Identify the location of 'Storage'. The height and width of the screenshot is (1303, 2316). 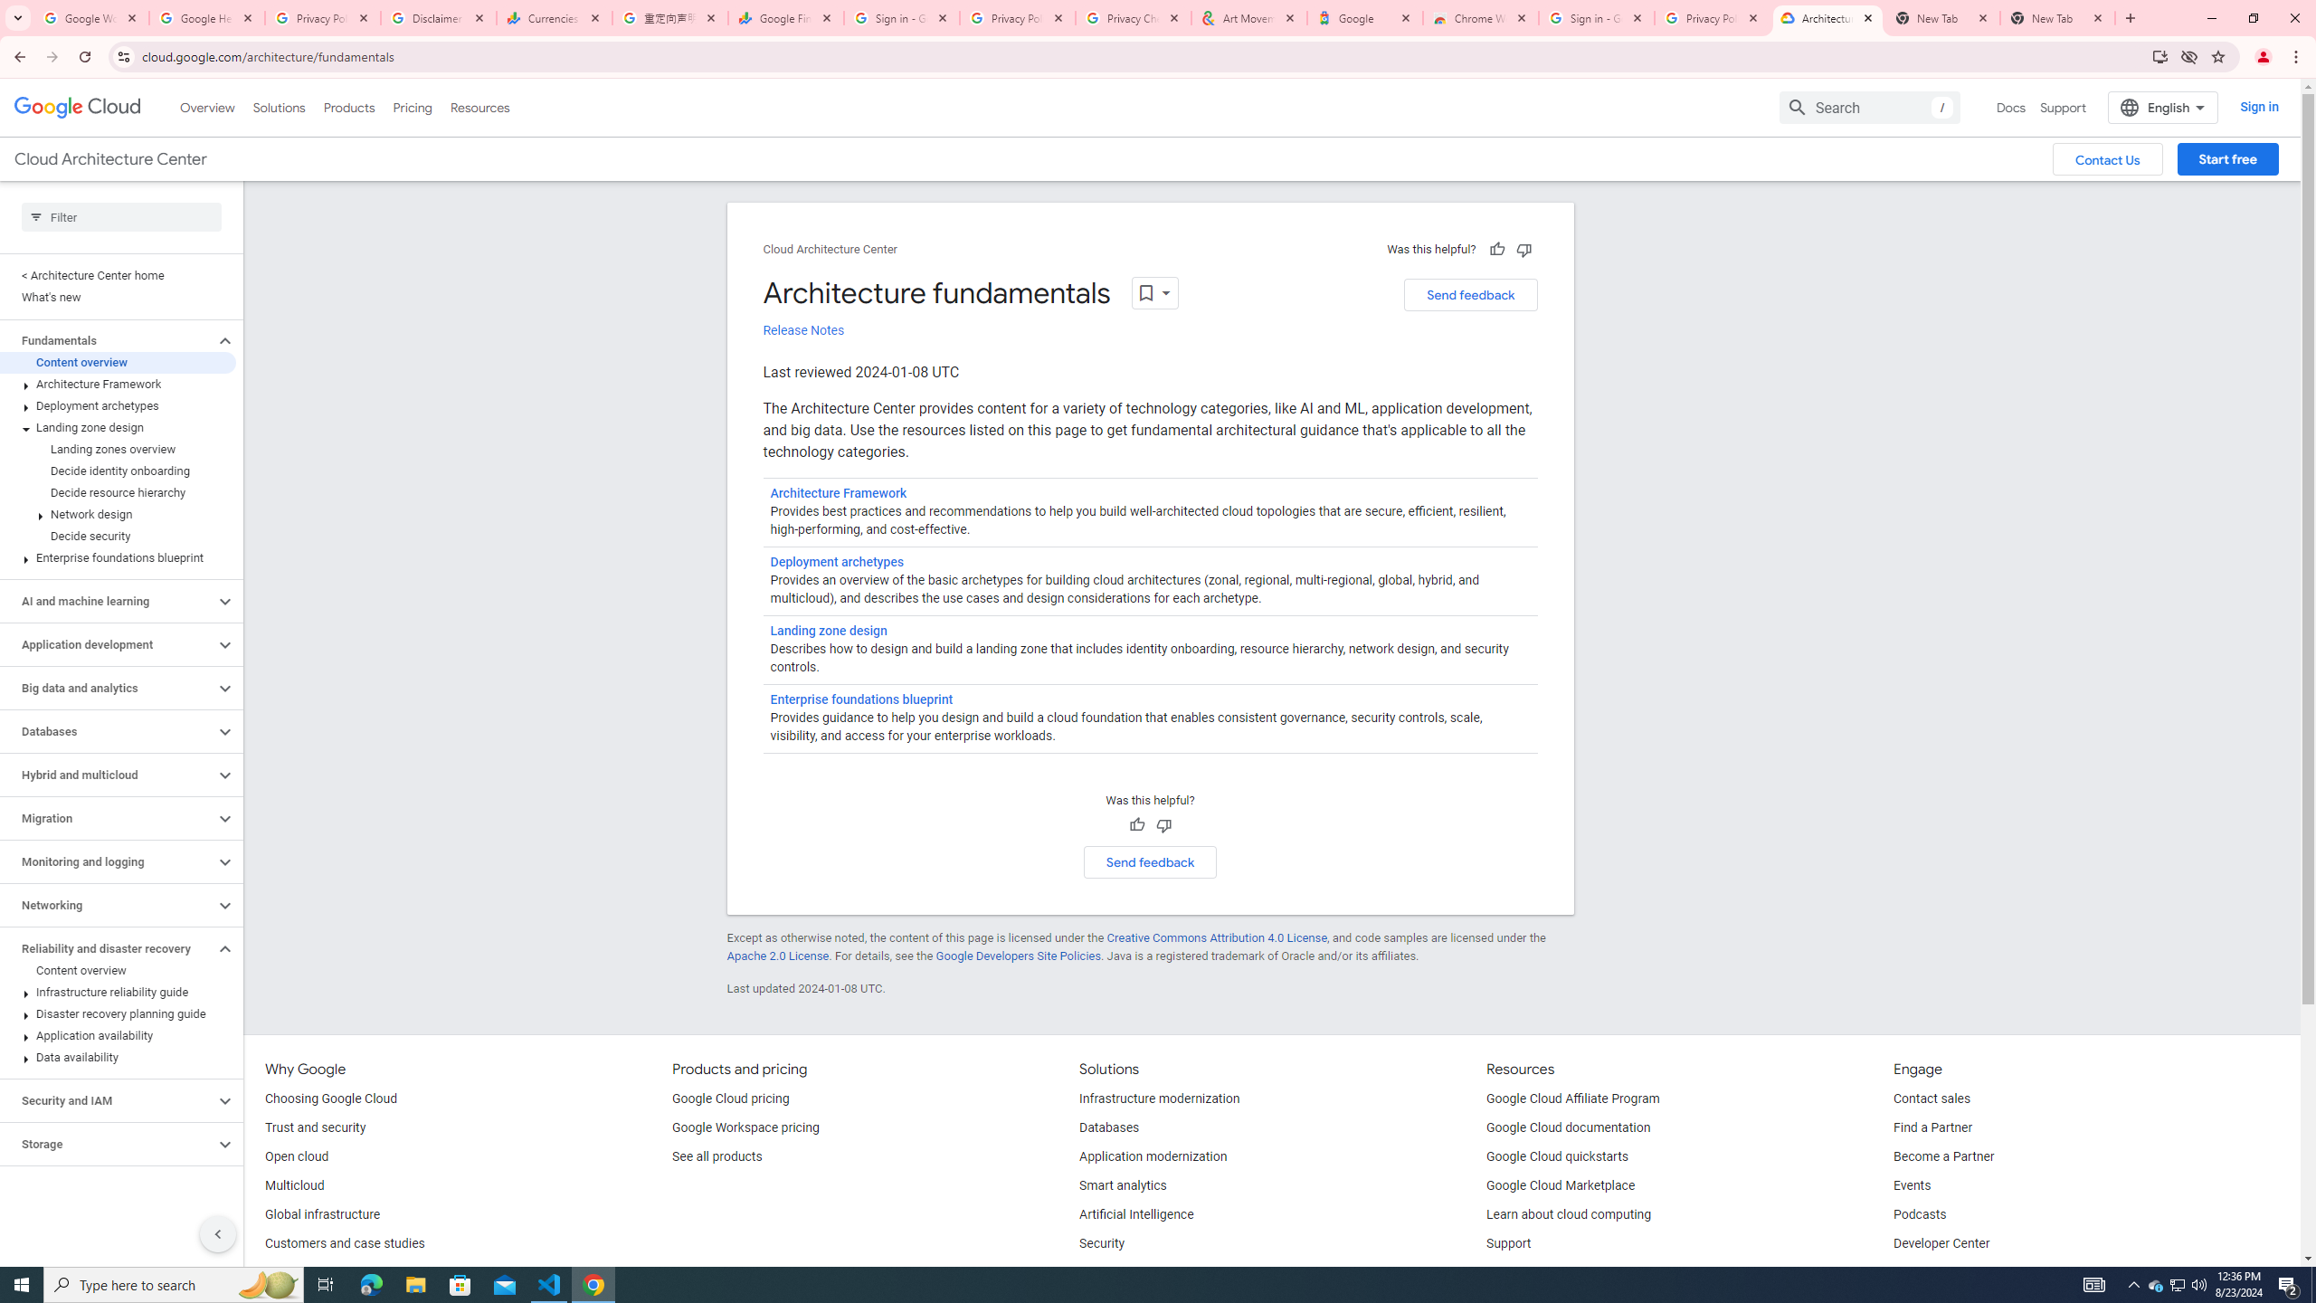
(107, 1144).